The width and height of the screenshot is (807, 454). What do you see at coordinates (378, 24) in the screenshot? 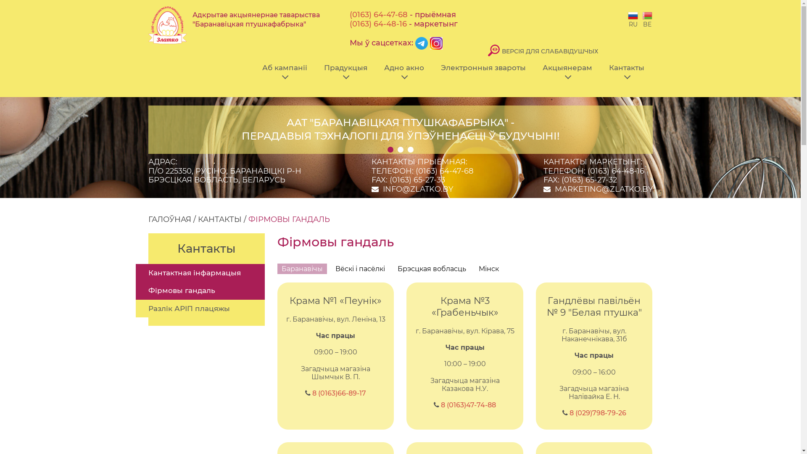
I see `'(0163) 64-48-16'` at bounding box center [378, 24].